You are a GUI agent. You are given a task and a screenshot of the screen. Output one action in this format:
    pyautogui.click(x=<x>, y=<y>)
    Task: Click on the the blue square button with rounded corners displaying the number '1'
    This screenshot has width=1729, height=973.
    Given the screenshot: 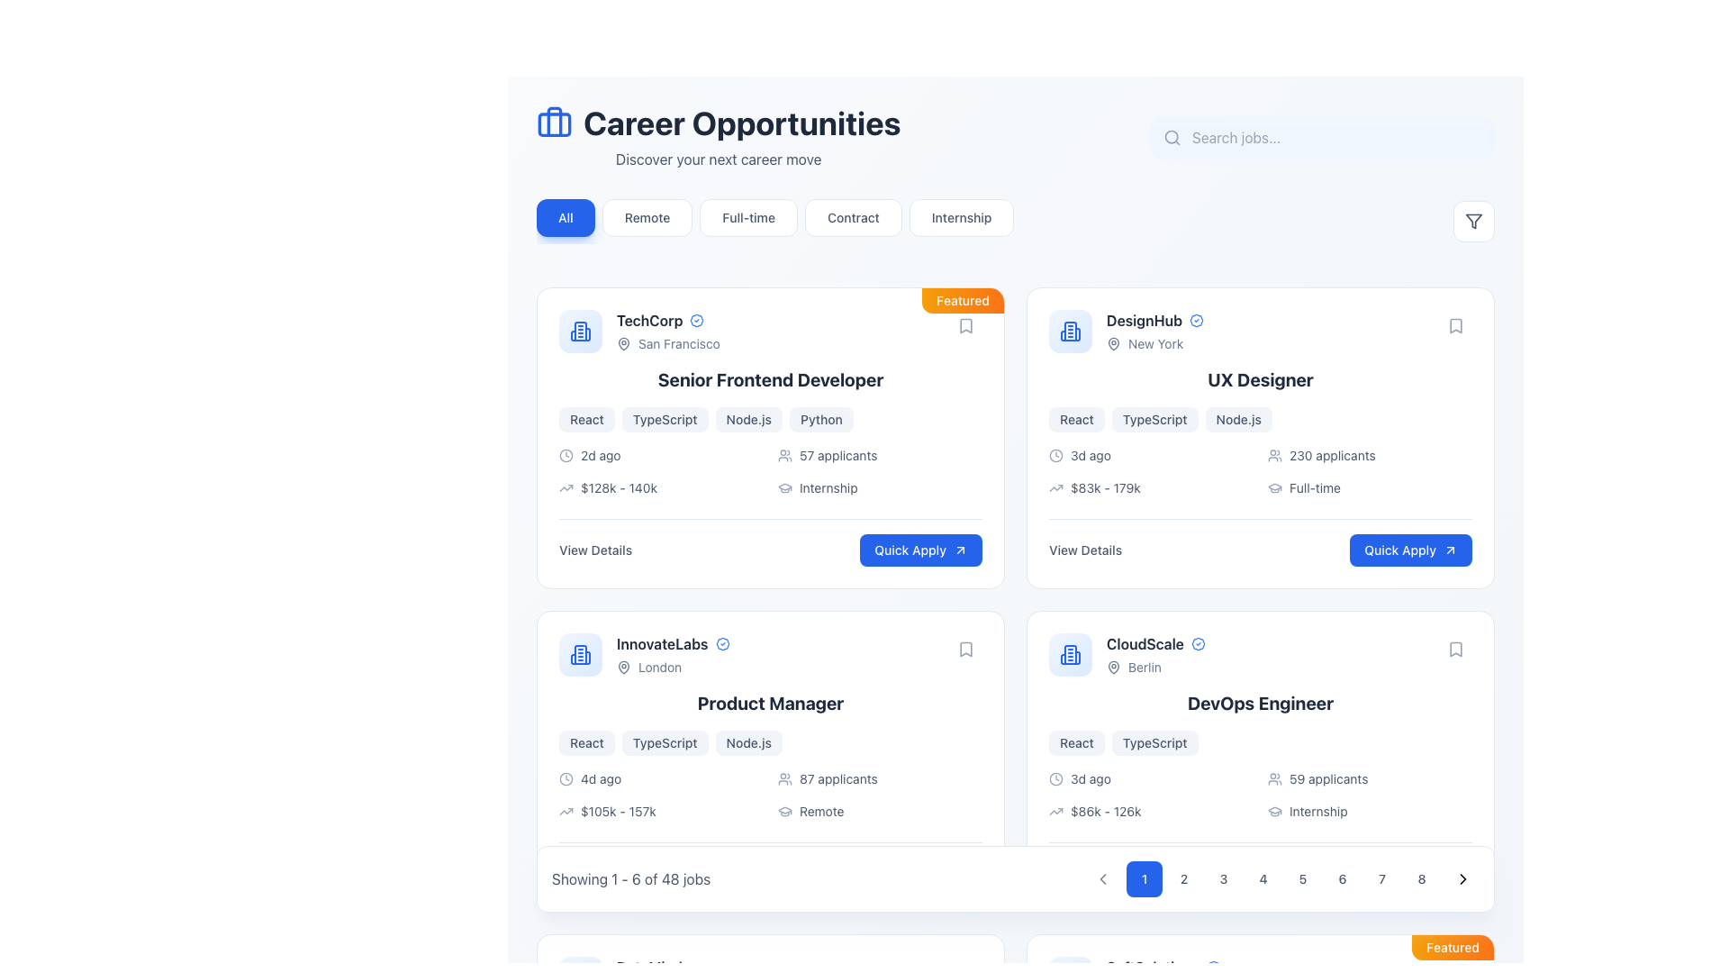 What is the action you would take?
    pyautogui.click(x=1144, y=878)
    